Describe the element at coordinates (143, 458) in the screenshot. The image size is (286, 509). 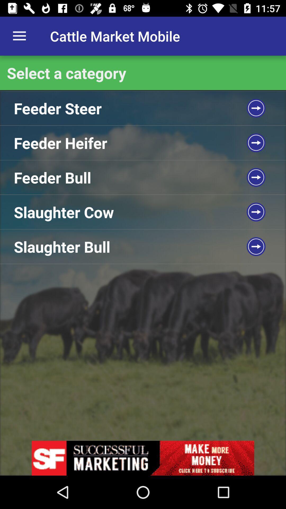
I see `advisement` at that location.